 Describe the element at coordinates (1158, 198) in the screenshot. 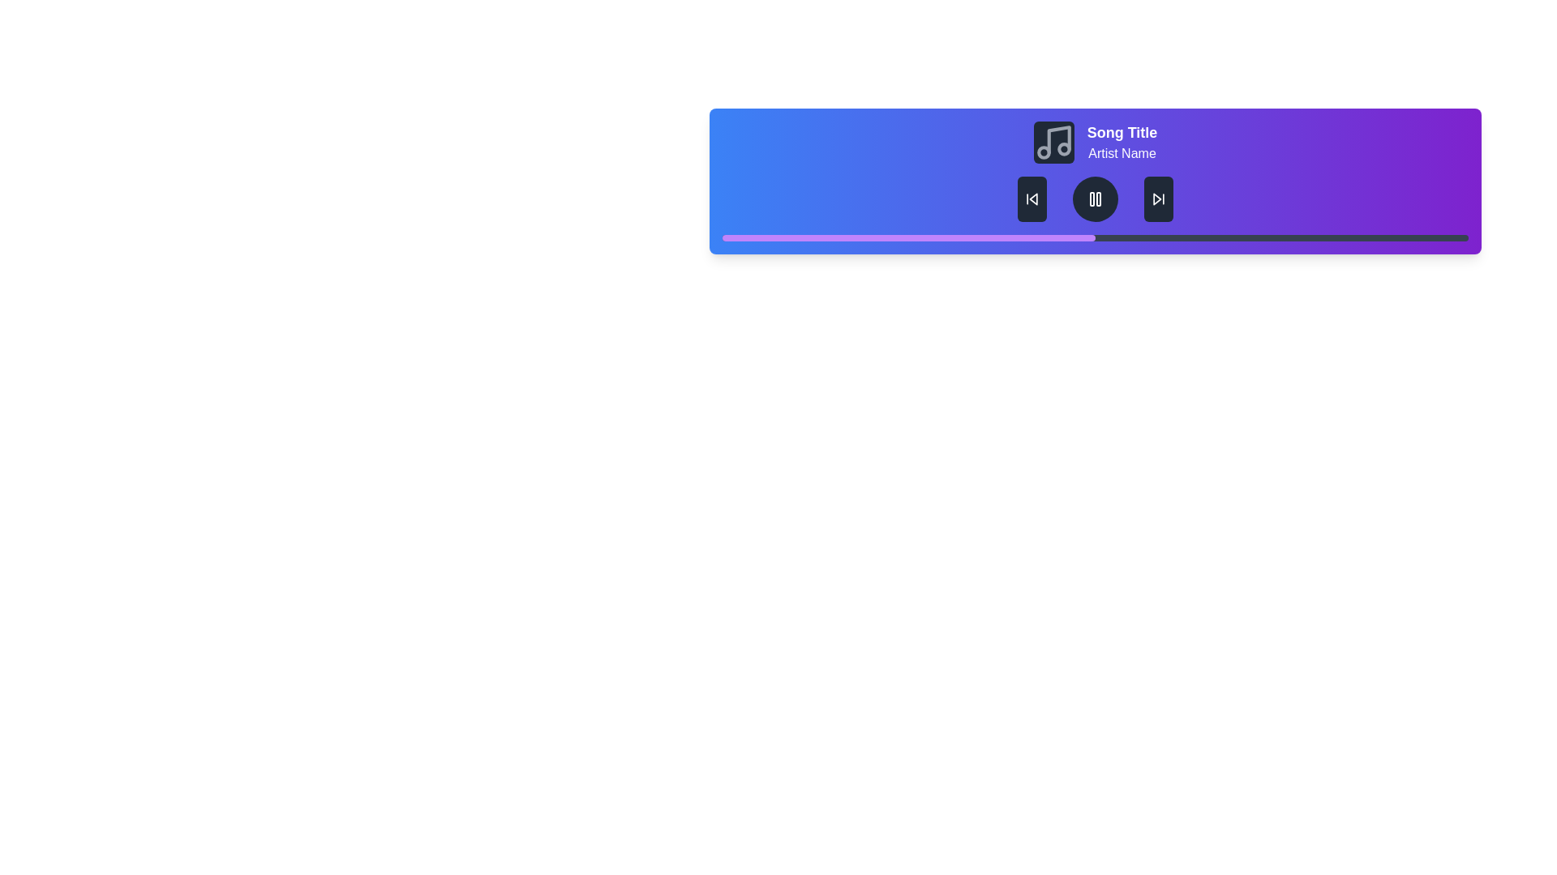

I see `the skip-forward button located at the far right among the three primary buttons to advance to the next track` at that location.